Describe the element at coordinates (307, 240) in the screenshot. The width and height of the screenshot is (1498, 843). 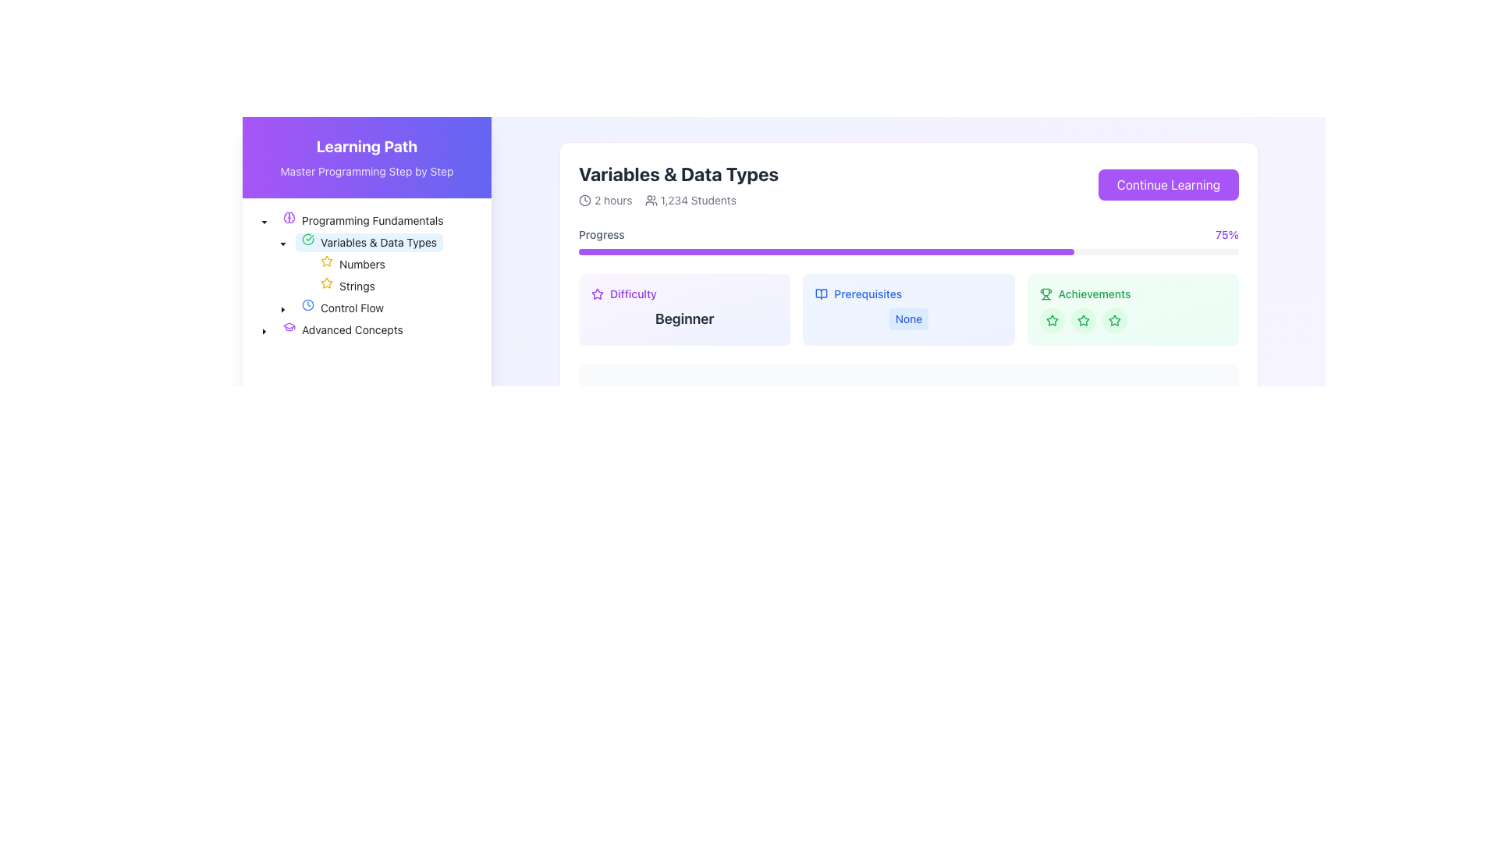
I see `the completion status icon located in the sidebar under the 'Programming Fundamentals' section next to the 'Variables & Data Types' label` at that location.